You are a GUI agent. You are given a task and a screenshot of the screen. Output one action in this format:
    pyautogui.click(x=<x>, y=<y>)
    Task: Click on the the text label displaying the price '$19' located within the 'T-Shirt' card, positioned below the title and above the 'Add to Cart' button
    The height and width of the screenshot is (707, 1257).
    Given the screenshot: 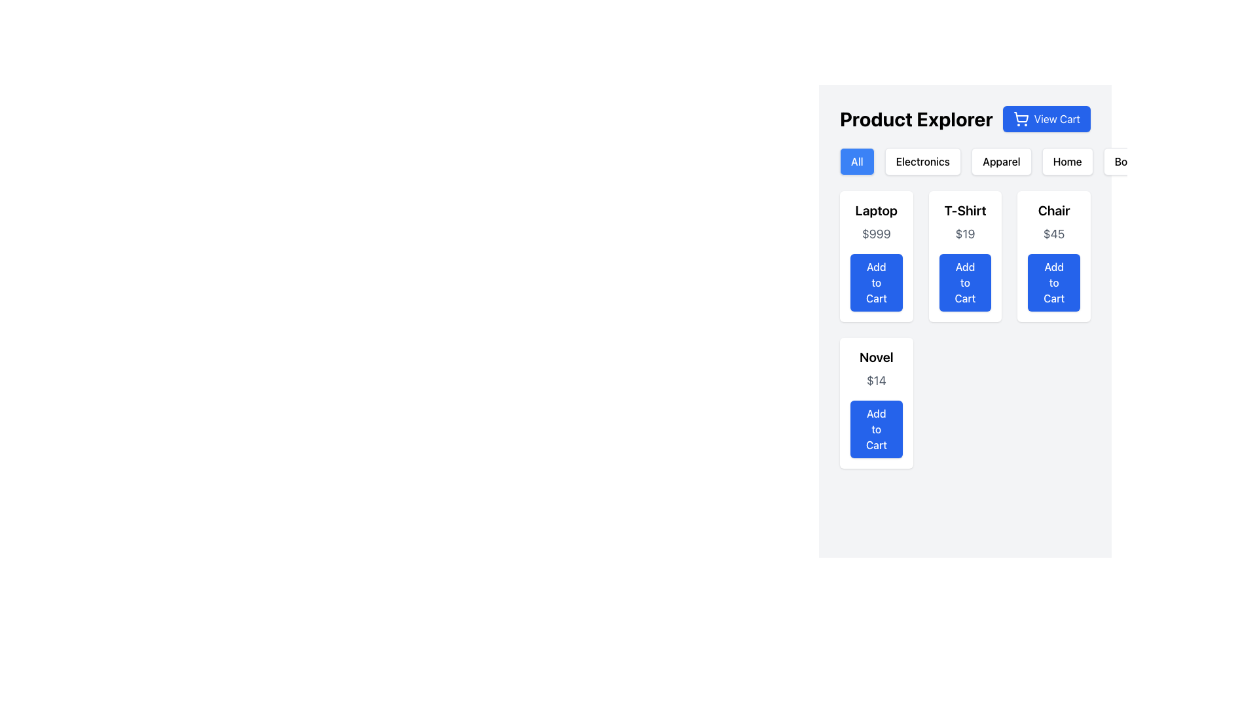 What is the action you would take?
    pyautogui.click(x=965, y=234)
    